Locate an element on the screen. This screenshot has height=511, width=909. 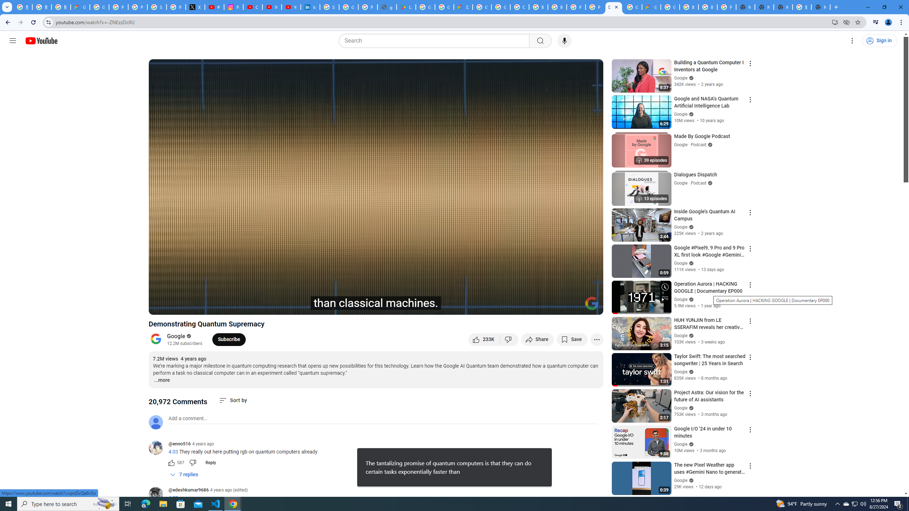
'like this video along with 233,071 other people' is located at coordinates (484, 339).